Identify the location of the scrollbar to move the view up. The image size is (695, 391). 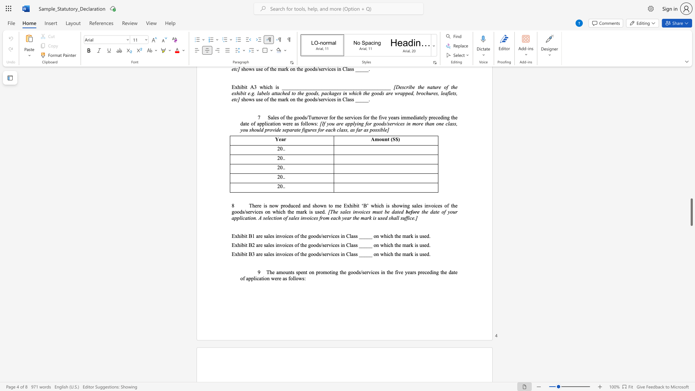
(691, 83).